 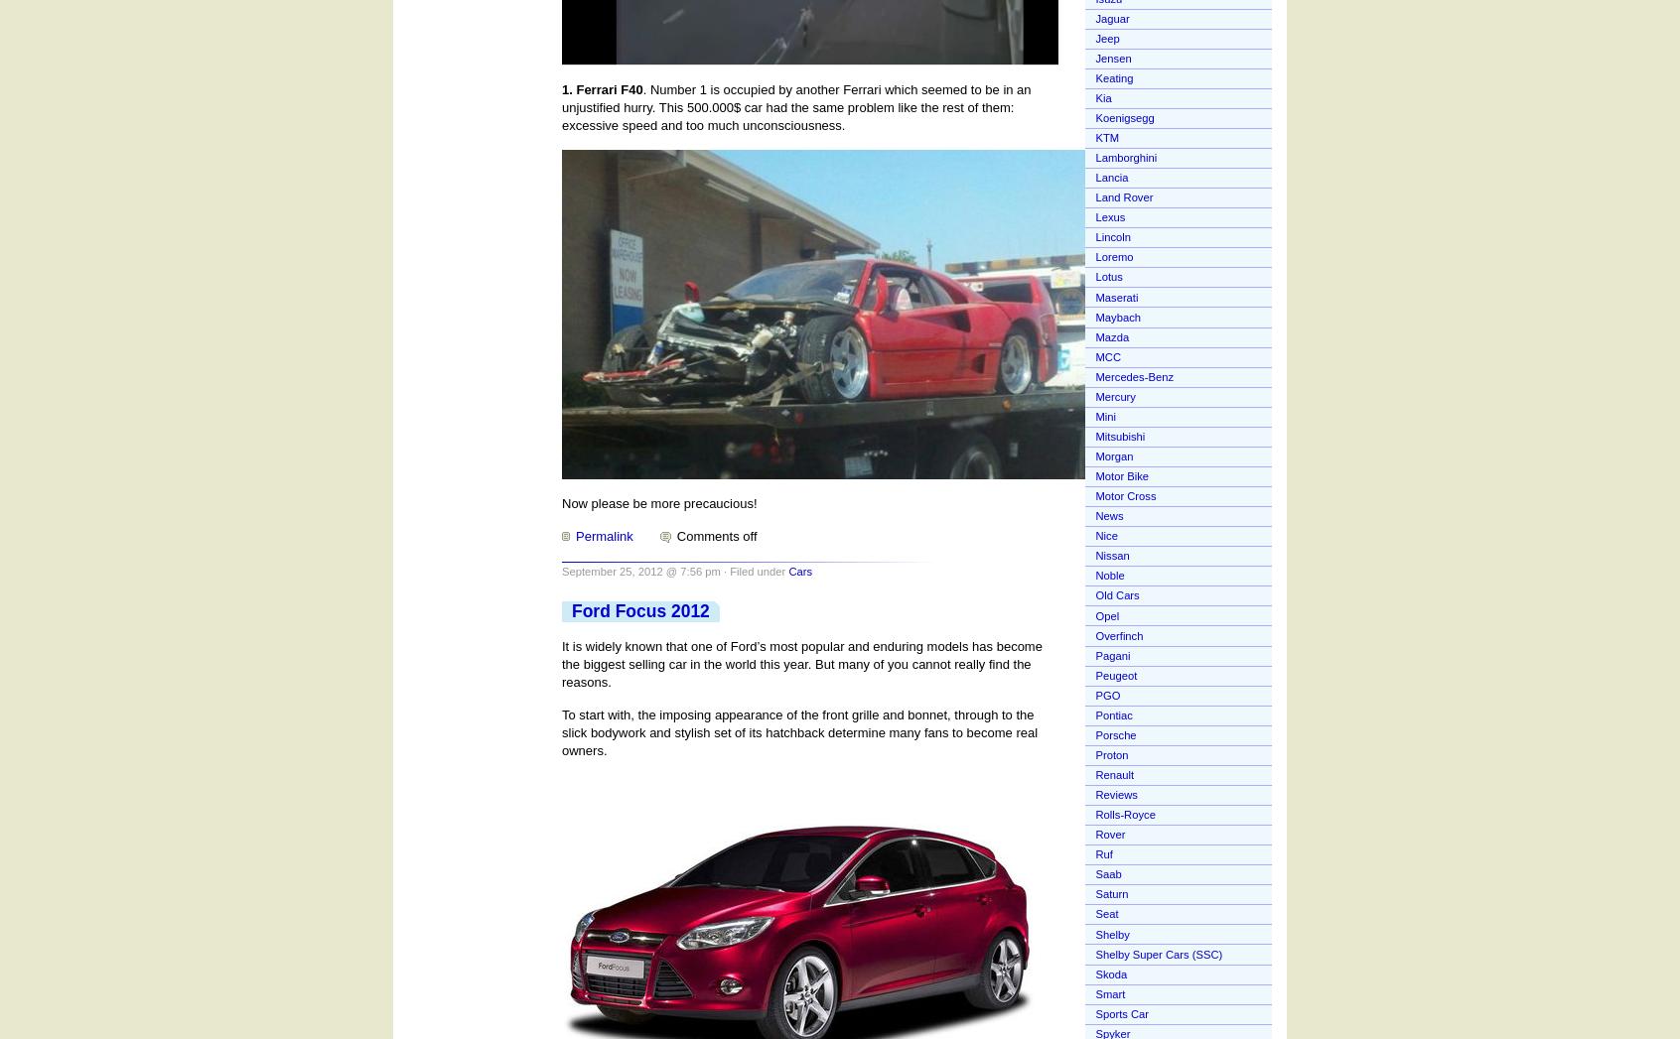 What do you see at coordinates (1107, 615) in the screenshot?
I see `'Opel'` at bounding box center [1107, 615].